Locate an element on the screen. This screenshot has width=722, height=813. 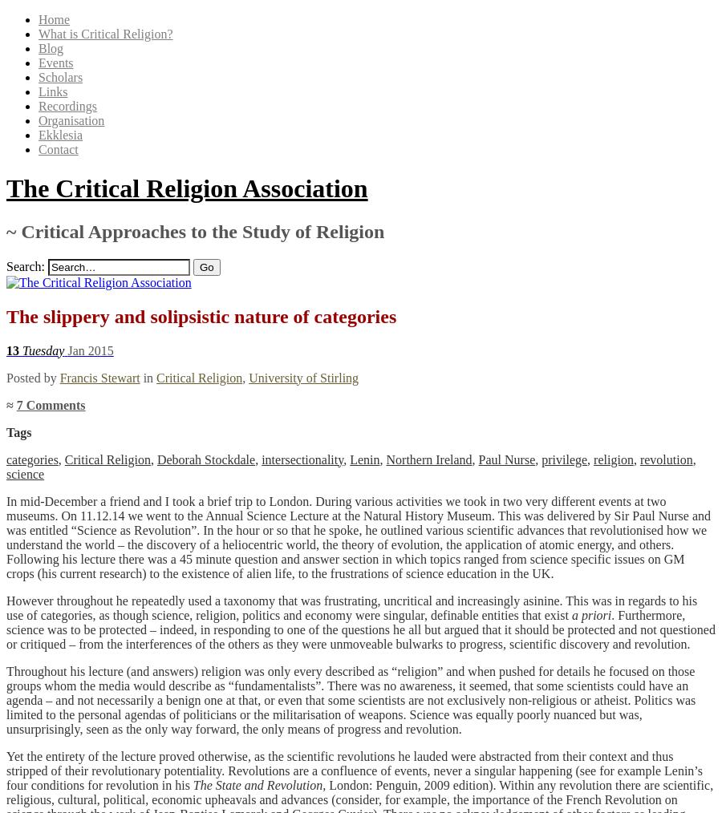
'by' is located at coordinates (50, 377).